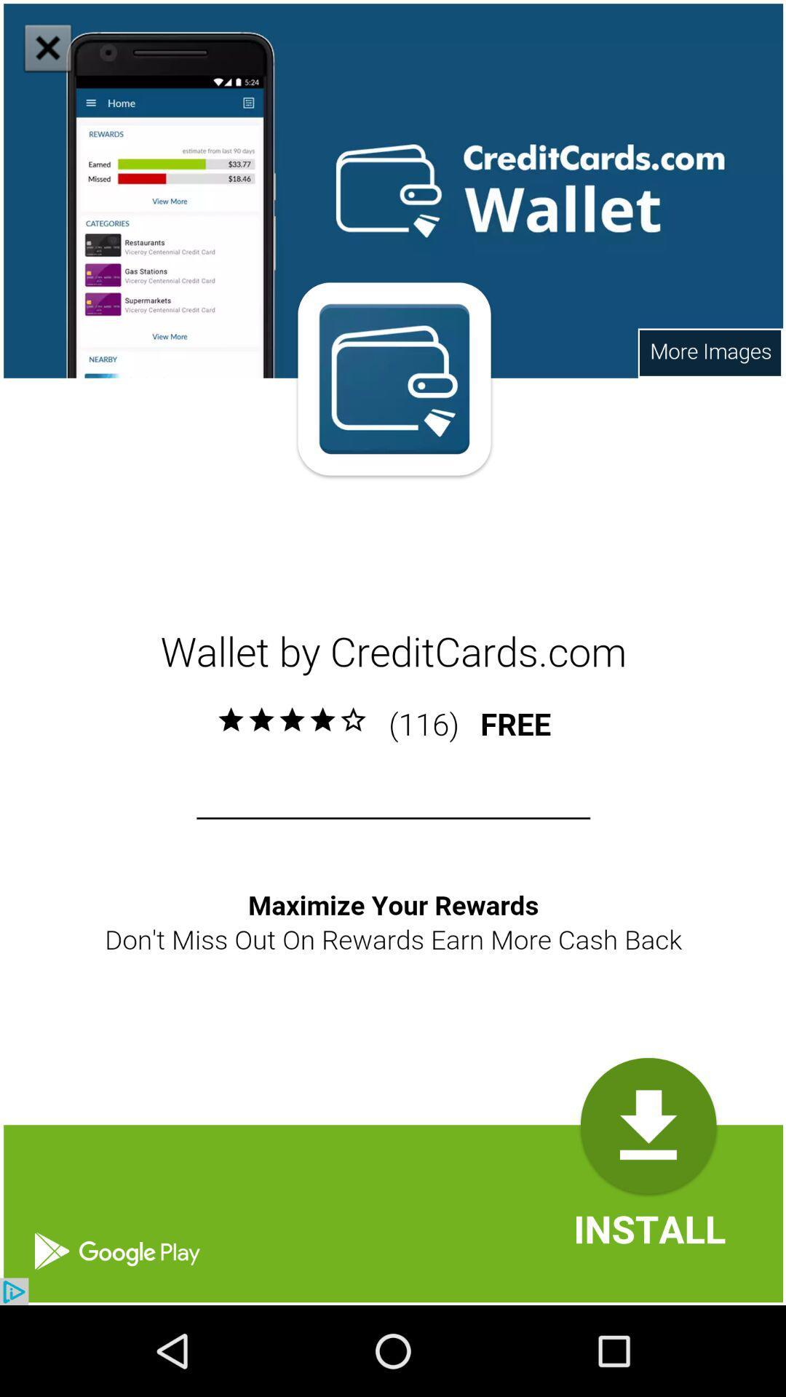  Describe the element at coordinates (47, 51) in the screenshot. I see `the close icon` at that location.